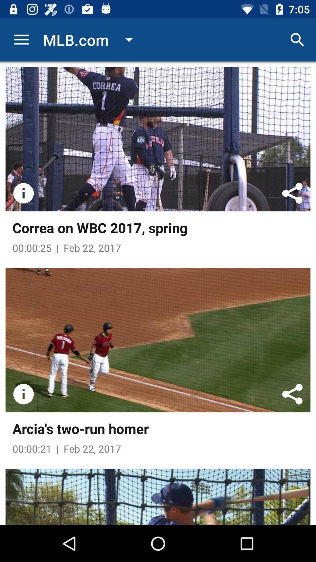 The height and width of the screenshot is (562, 316). What do you see at coordinates (21, 40) in the screenshot?
I see `item to the left of the mlb.com item` at bounding box center [21, 40].